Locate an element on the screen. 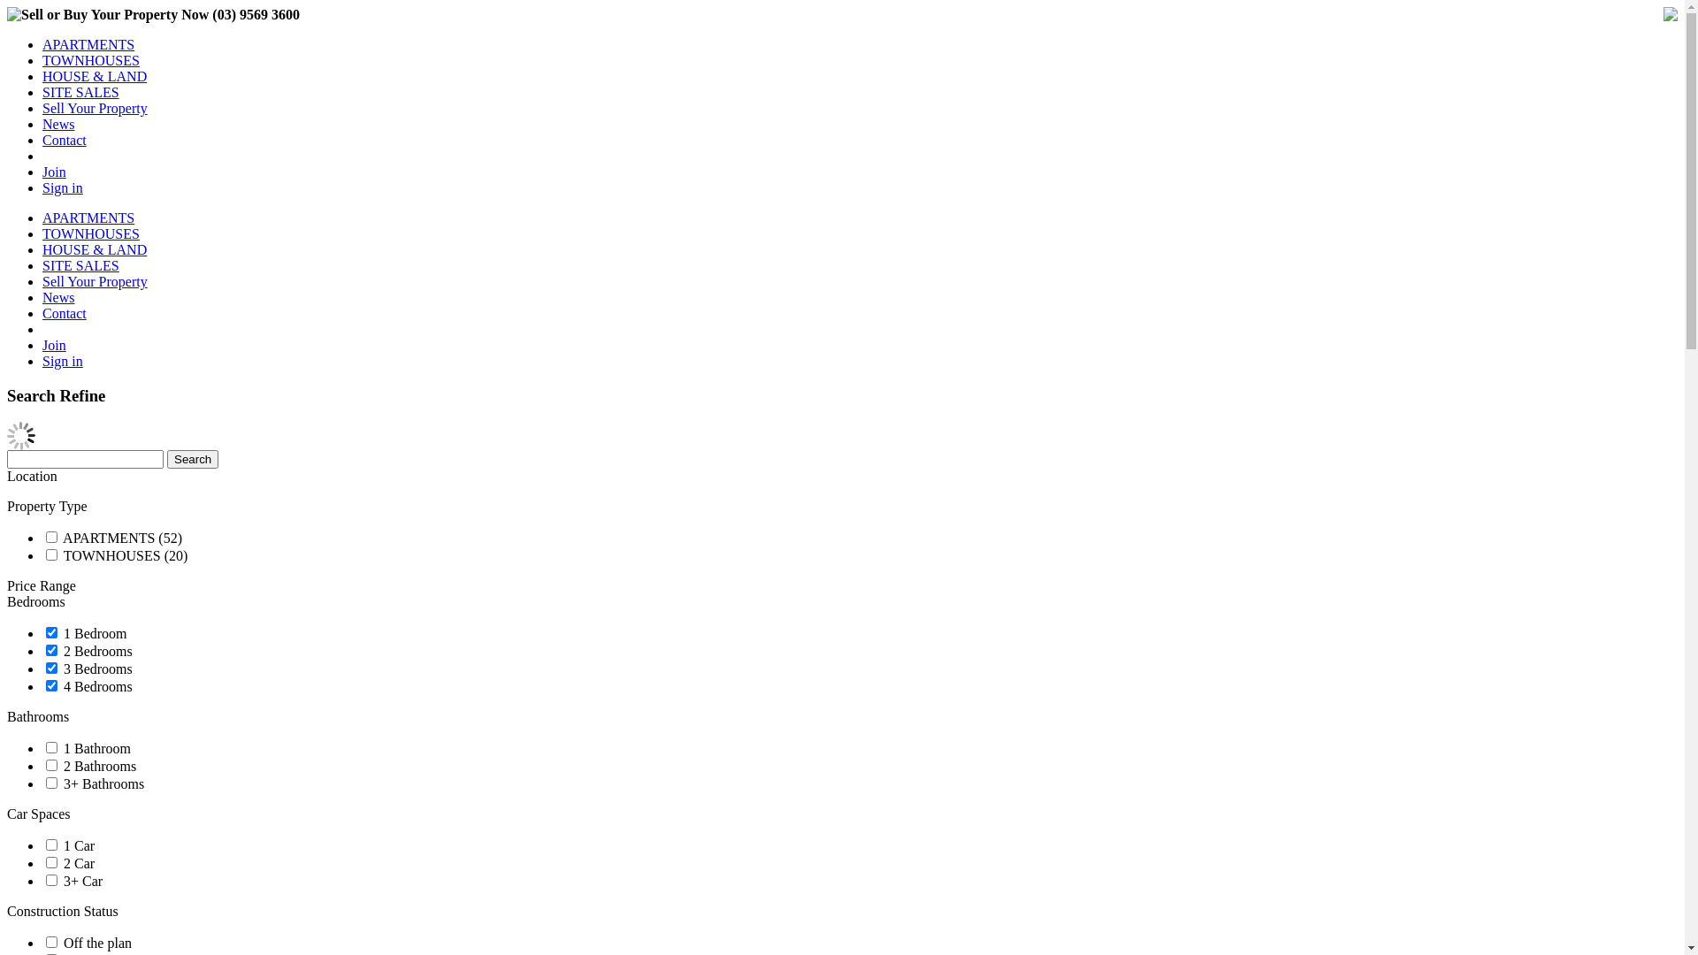  'APARTMENTS' is located at coordinates (88, 43).